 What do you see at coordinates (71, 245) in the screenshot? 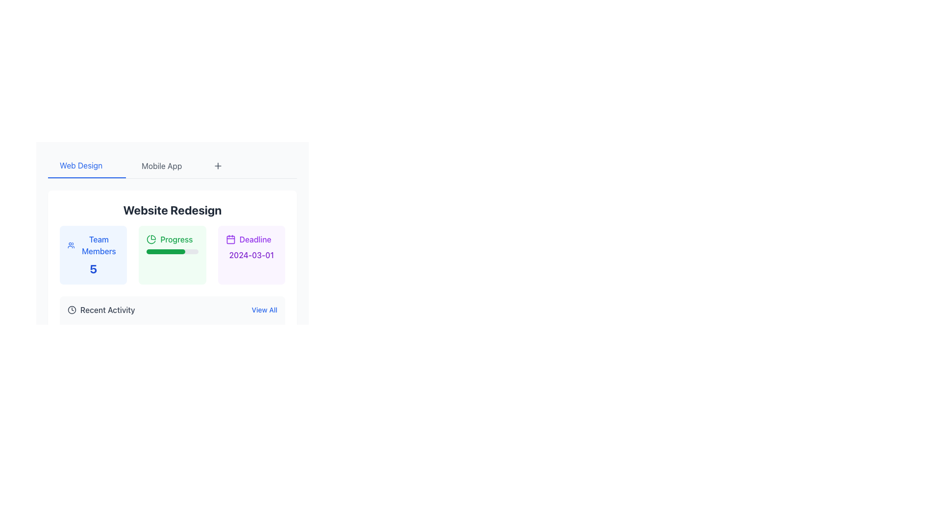
I see `the blue line art SVG icon representing a group of people located to the left of the 'Team Members 5' text in the 'Team Members' section` at bounding box center [71, 245].